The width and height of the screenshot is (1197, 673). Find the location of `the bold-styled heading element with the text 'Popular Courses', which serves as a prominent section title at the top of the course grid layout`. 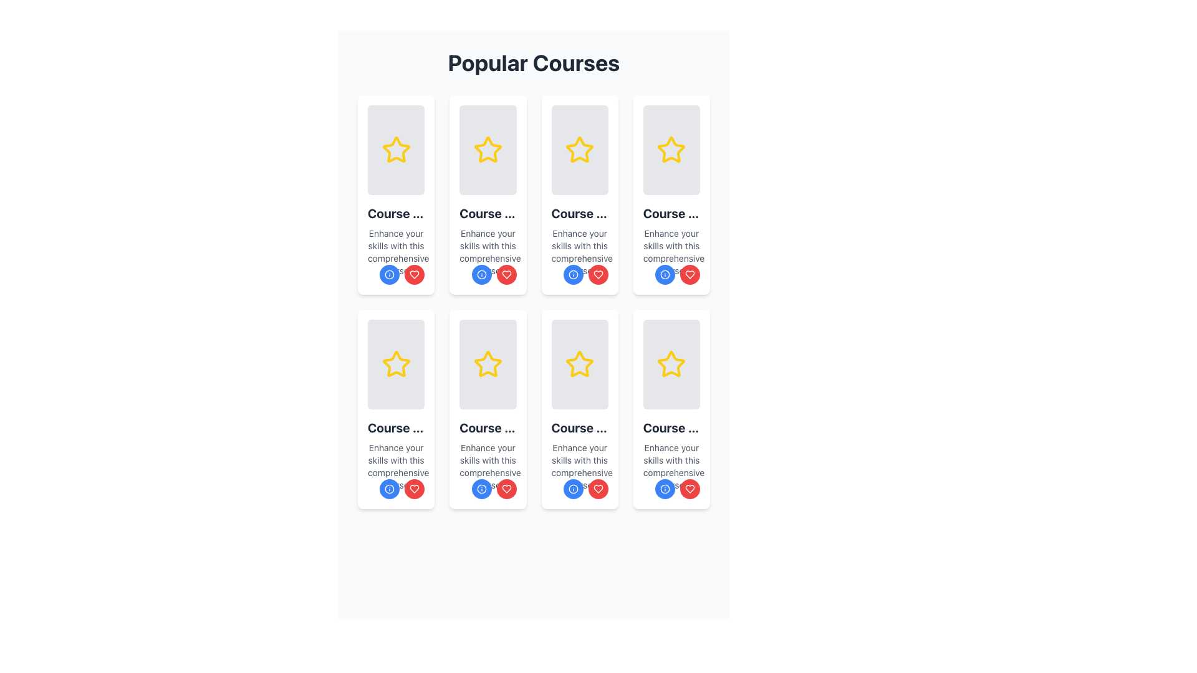

the bold-styled heading element with the text 'Popular Courses', which serves as a prominent section title at the top of the course grid layout is located at coordinates (534, 62).